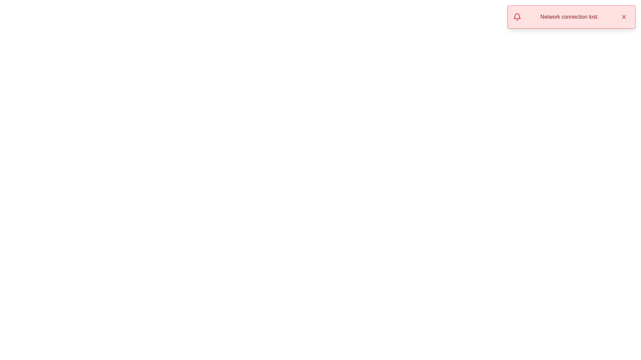  Describe the element at coordinates (623, 16) in the screenshot. I see `the small red button with an 'X' icon located in the top-right corner of the notification box, following the text 'Network connection lost'` at that location.